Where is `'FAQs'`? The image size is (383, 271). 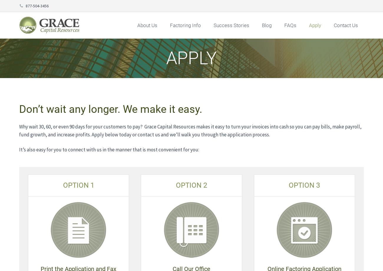
'FAQs' is located at coordinates (290, 25).